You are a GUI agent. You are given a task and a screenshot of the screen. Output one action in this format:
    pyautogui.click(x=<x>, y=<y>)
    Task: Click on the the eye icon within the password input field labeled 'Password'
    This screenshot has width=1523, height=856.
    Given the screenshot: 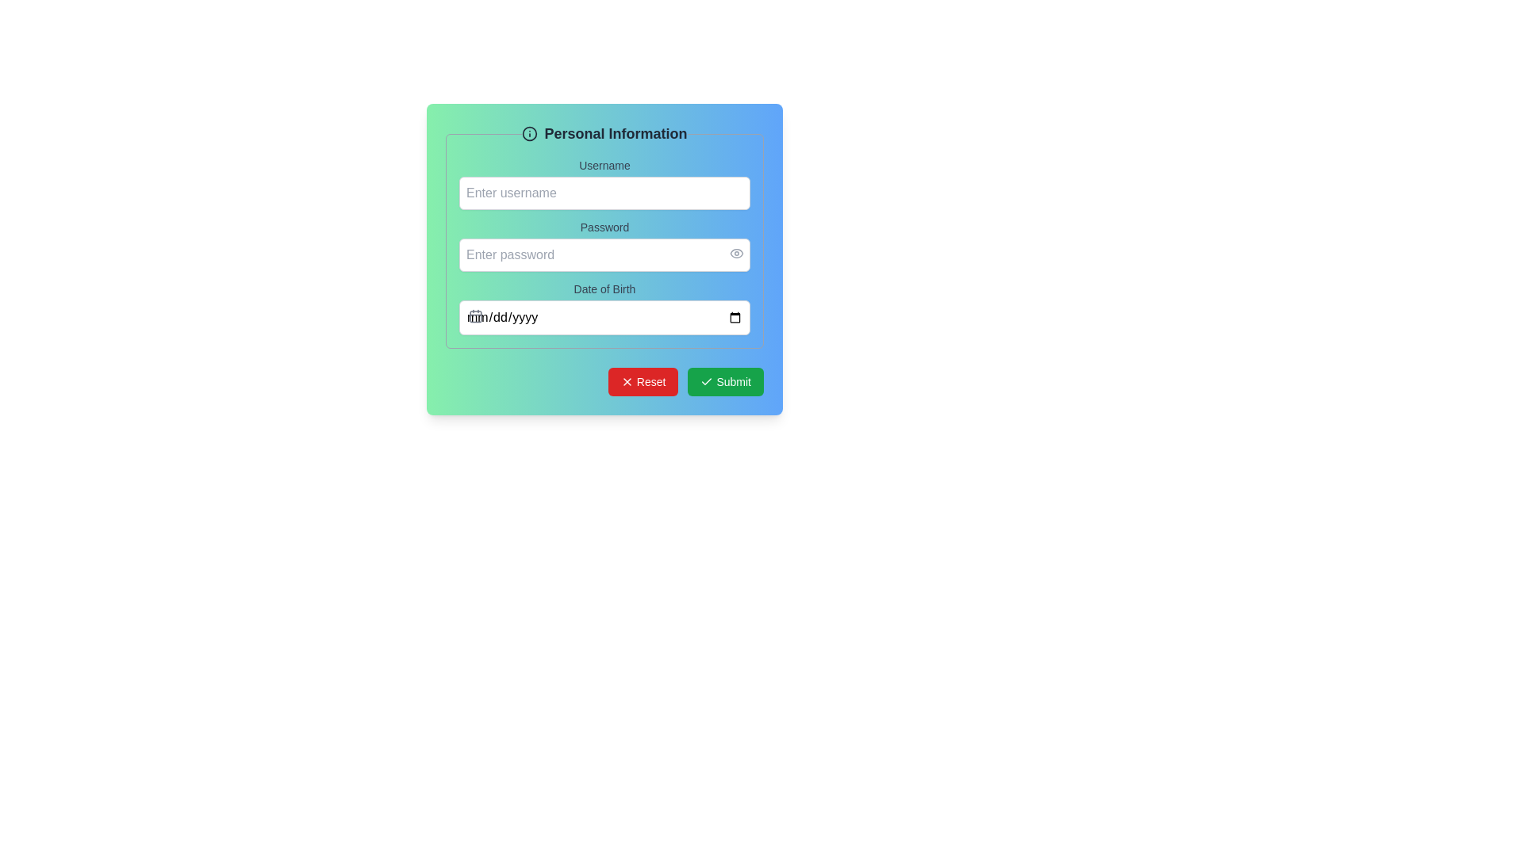 What is the action you would take?
    pyautogui.click(x=604, y=245)
    